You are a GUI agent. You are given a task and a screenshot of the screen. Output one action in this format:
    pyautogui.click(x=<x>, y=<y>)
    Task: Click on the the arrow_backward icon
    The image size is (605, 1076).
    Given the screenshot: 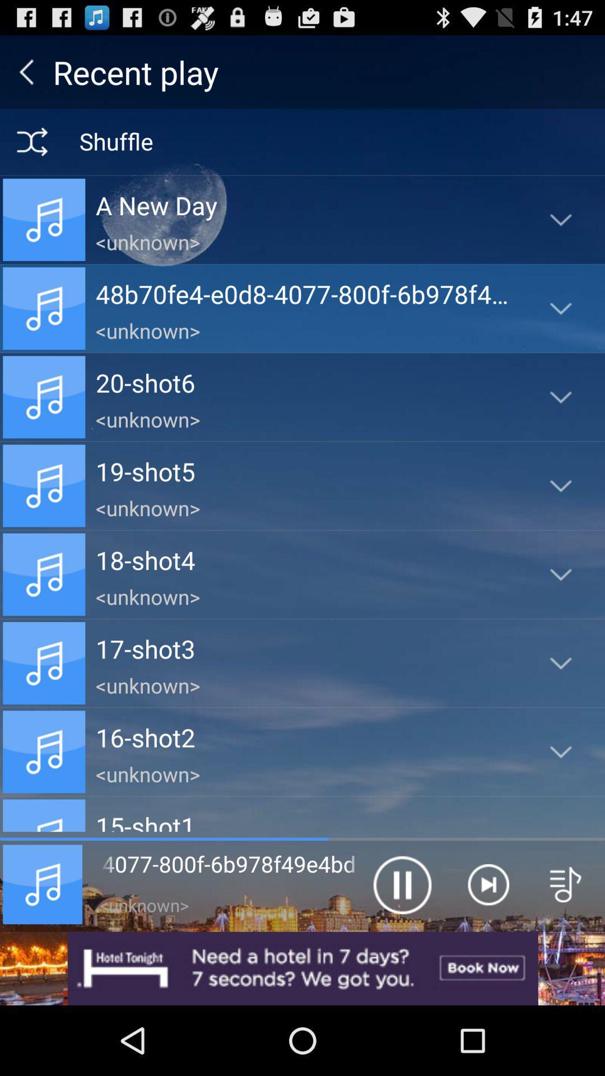 What is the action you would take?
    pyautogui.click(x=26, y=76)
    